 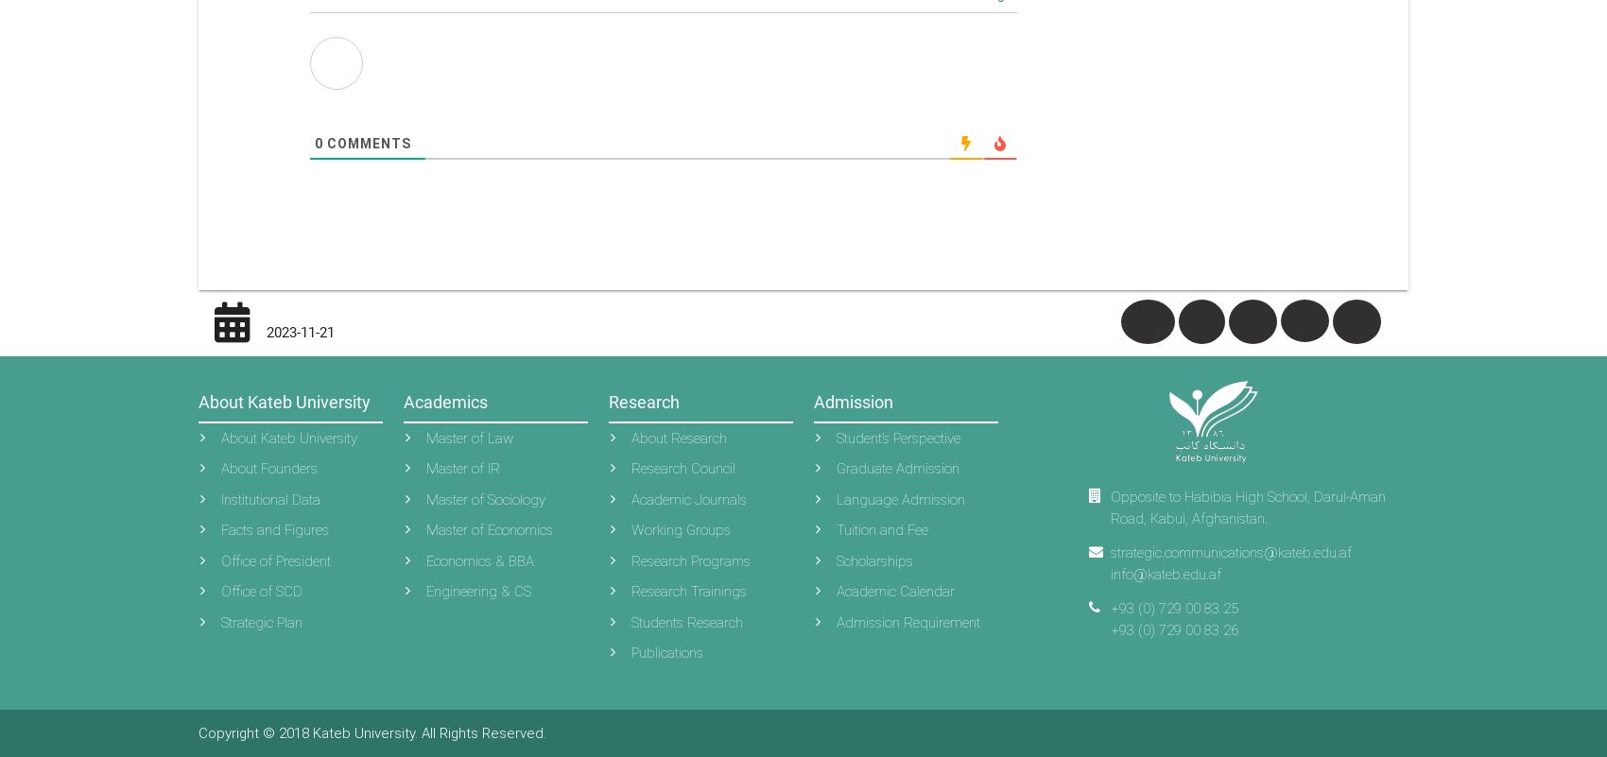 What do you see at coordinates (631, 653) in the screenshot?
I see `'Publications'` at bounding box center [631, 653].